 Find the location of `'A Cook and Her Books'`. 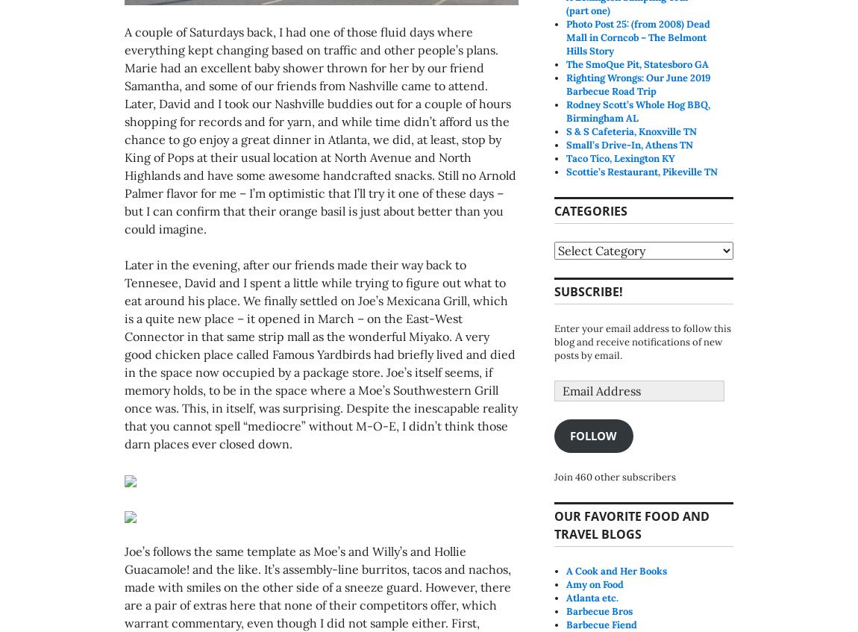

'A Cook and Her Books' is located at coordinates (616, 570).